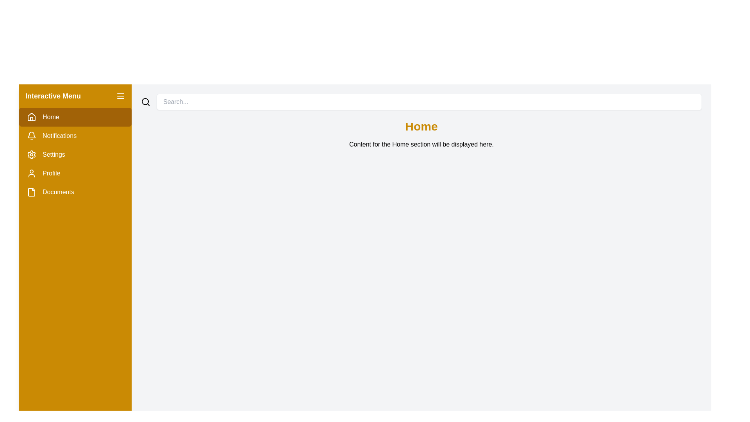  Describe the element at coordinates (31, 155) in the screenshot. I see `the 'Settings' menu icon located in the sidebar, positioned to the left of the text 'Settings'` at that location.